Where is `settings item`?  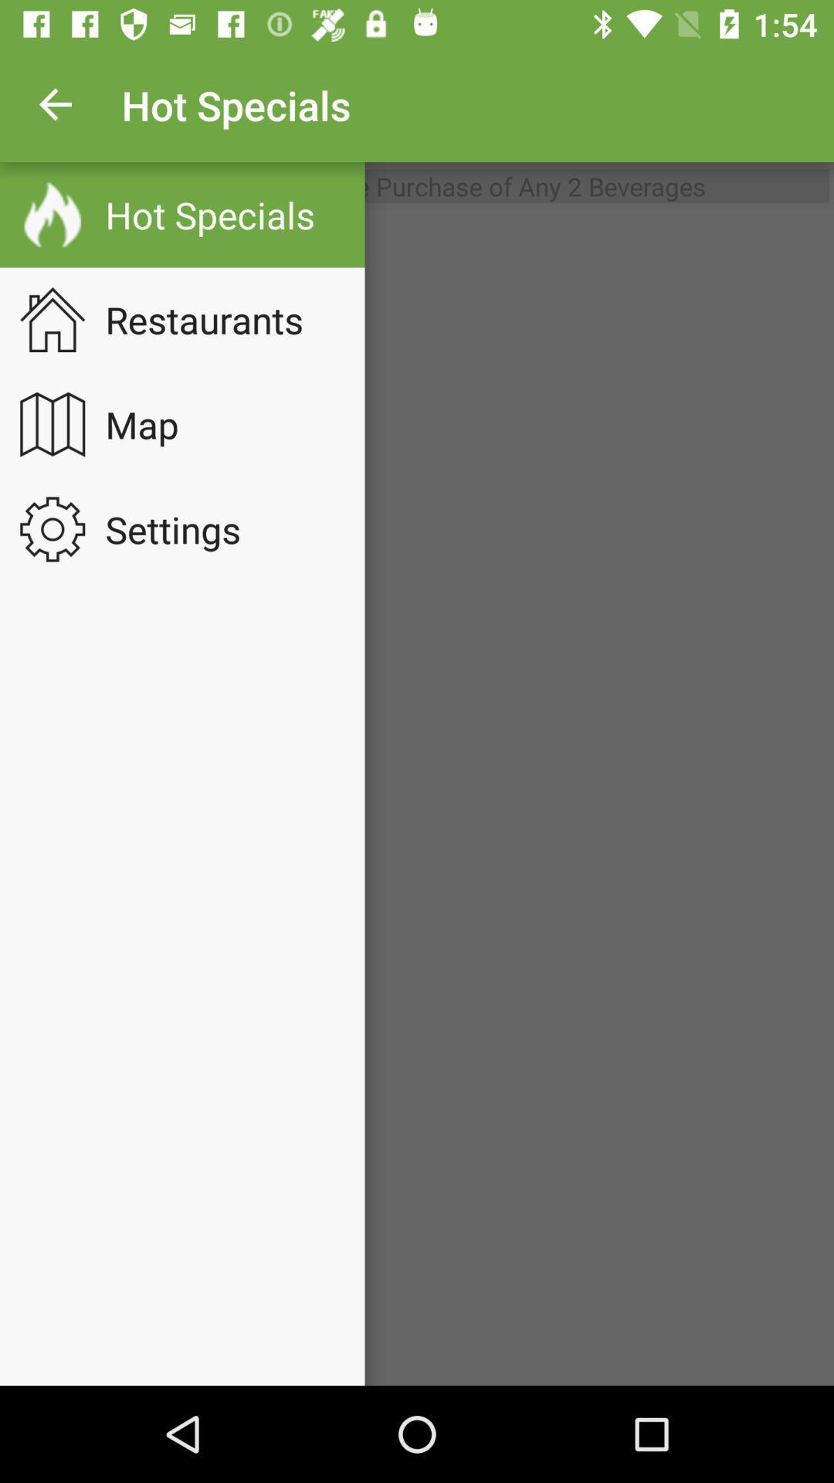
settings item is located at coordinates (182, 529).